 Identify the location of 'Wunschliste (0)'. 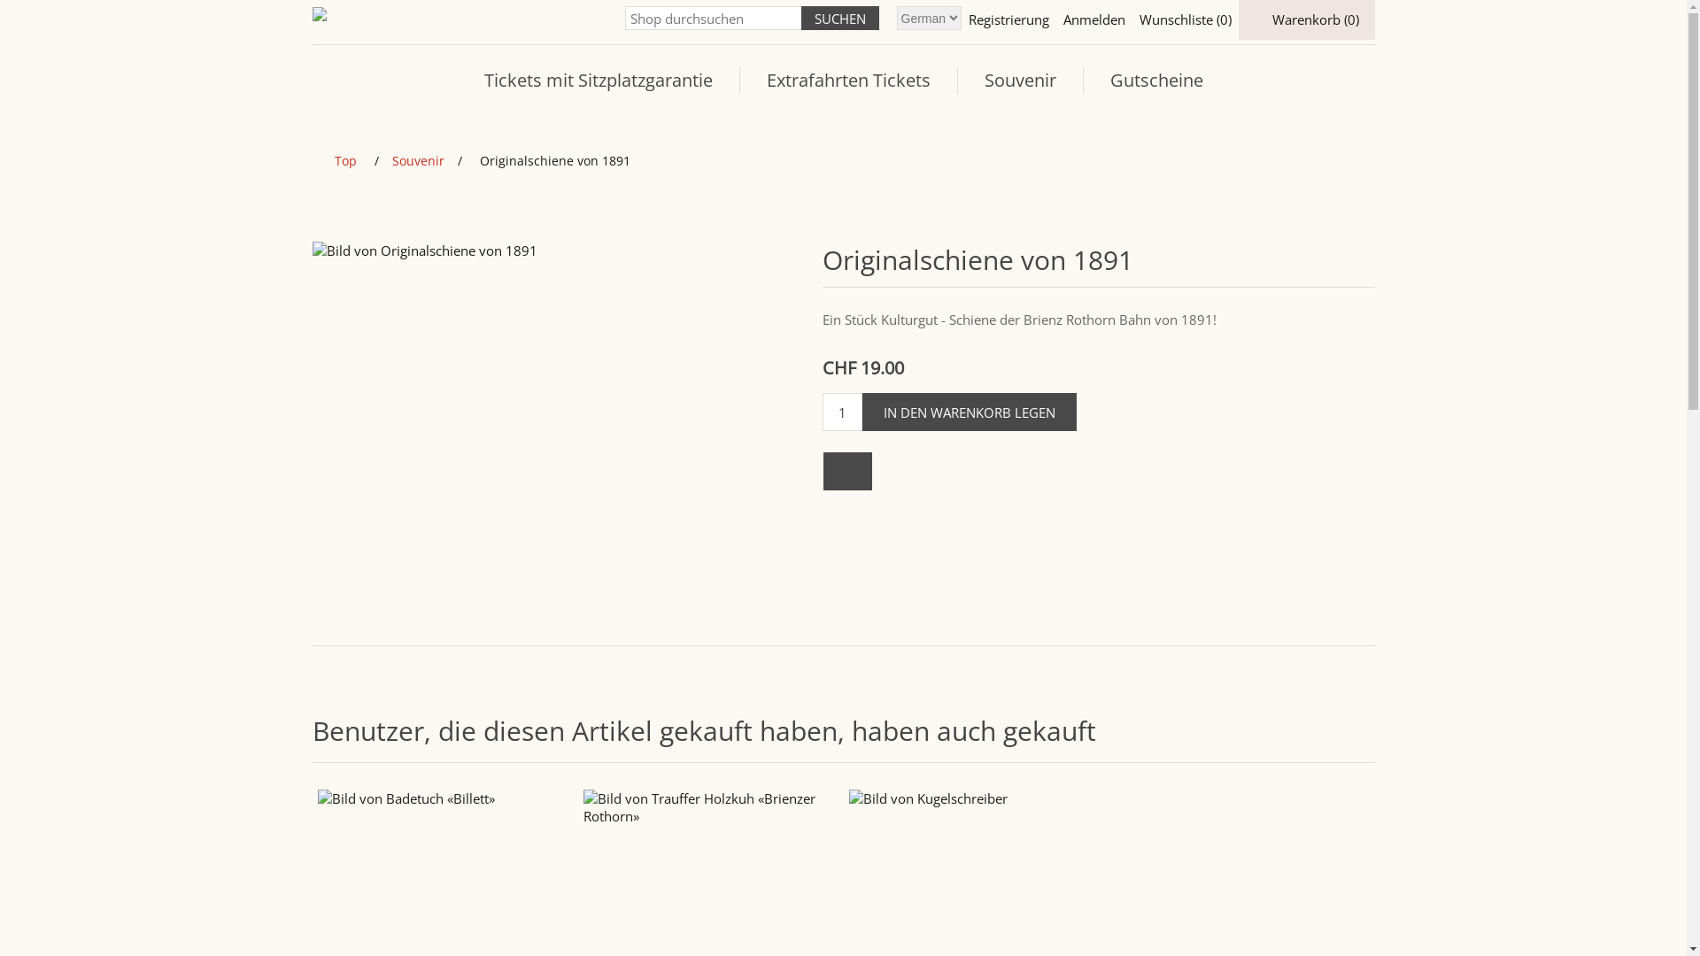
(1185, 19).